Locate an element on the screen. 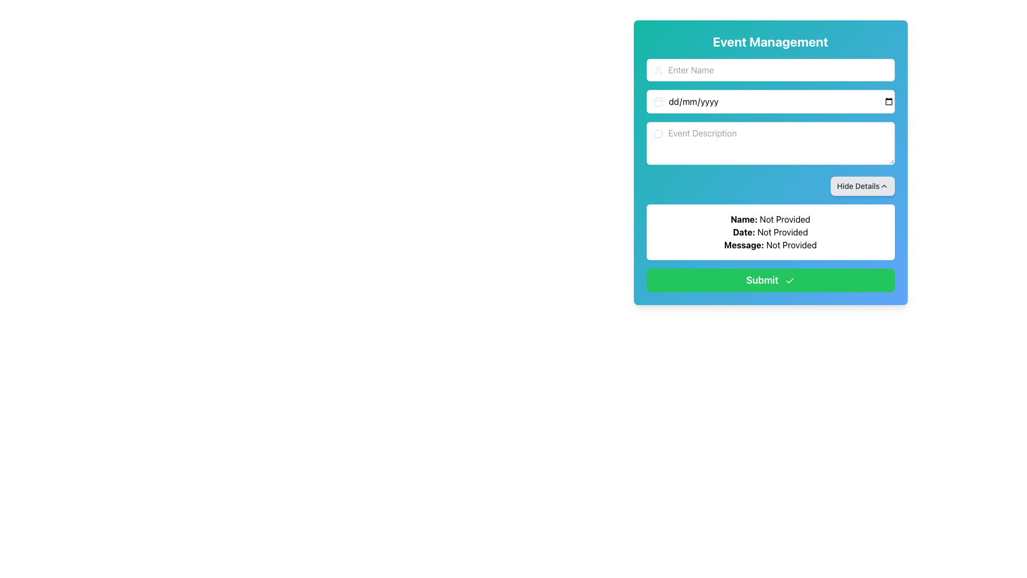 Image resolution: width=1027 pixels, height=578 pixels. the small, check-shaped icon rendered in white on a green background, located to the right of the 'Submit' button, to confirm is located at coordinates (790, 280).